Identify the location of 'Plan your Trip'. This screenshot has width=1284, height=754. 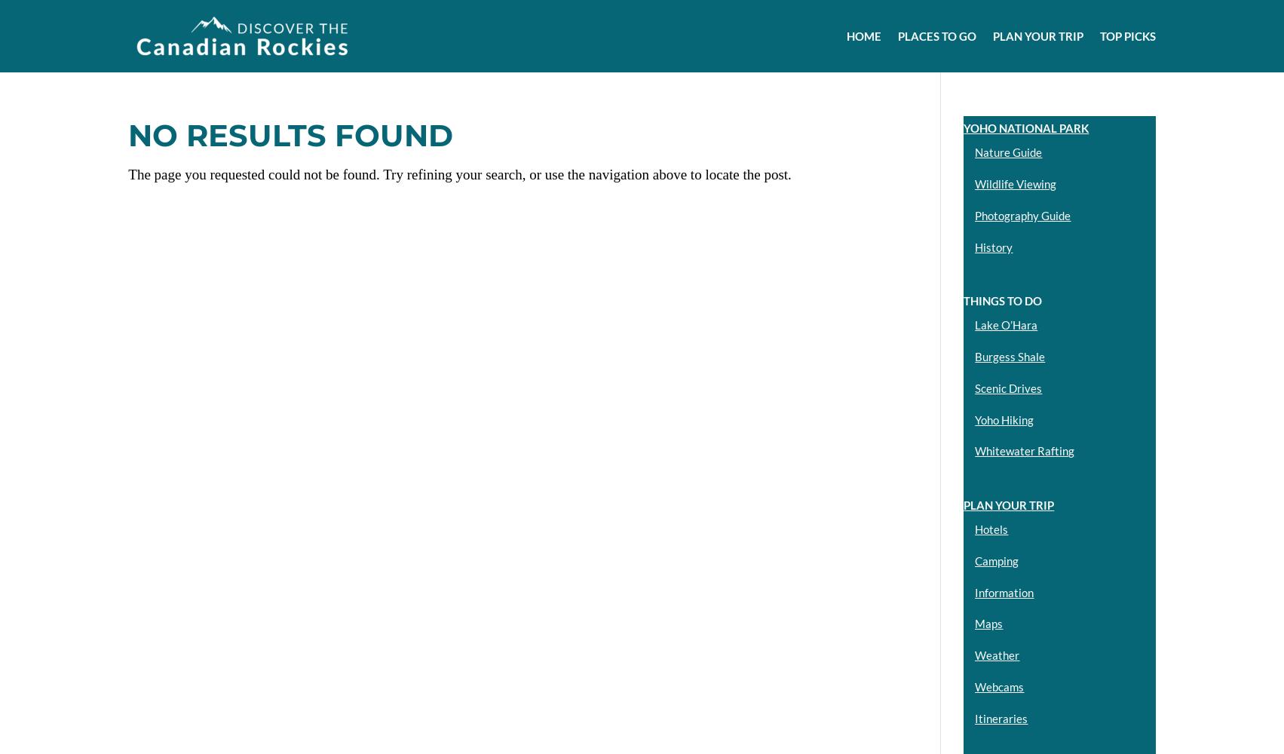
(1037, 36).